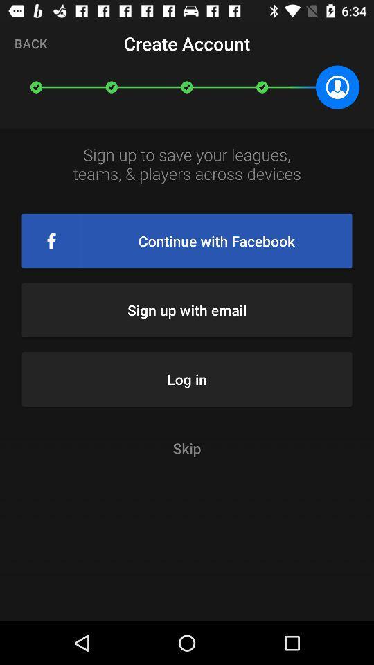  I want to click on back, so click(30, 43).